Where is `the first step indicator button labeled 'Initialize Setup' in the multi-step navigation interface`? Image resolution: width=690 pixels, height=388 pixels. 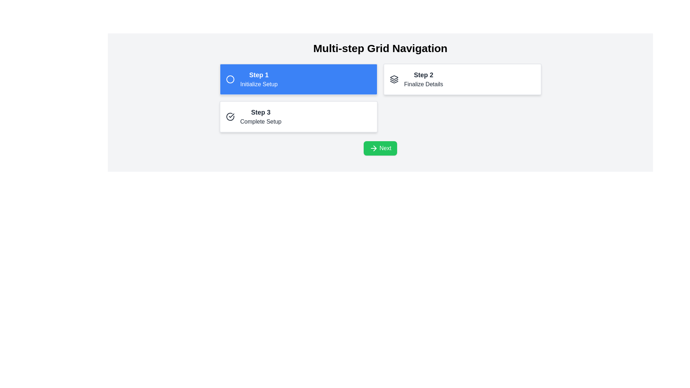 the first step indicator button labeled 'Initialize Setup' in the multi-step navigation interface is located at coordinates (298, 79).